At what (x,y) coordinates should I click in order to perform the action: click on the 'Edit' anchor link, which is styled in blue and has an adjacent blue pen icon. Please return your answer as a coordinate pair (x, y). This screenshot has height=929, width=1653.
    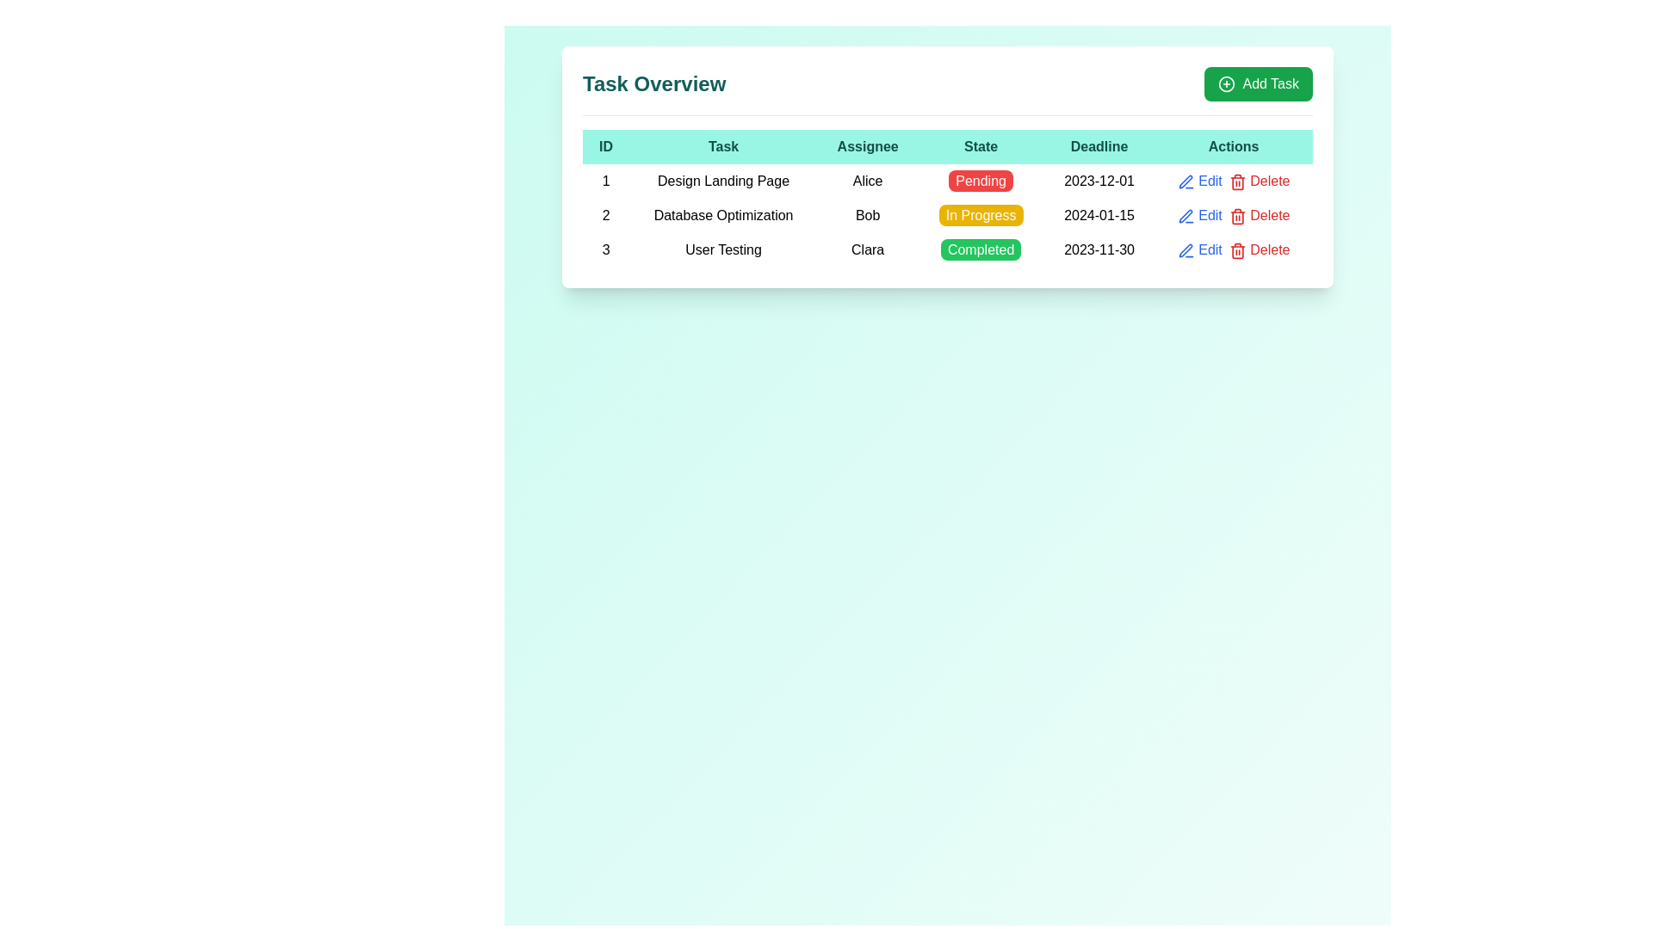
    Looking at the image, I should click on (1198, 214).